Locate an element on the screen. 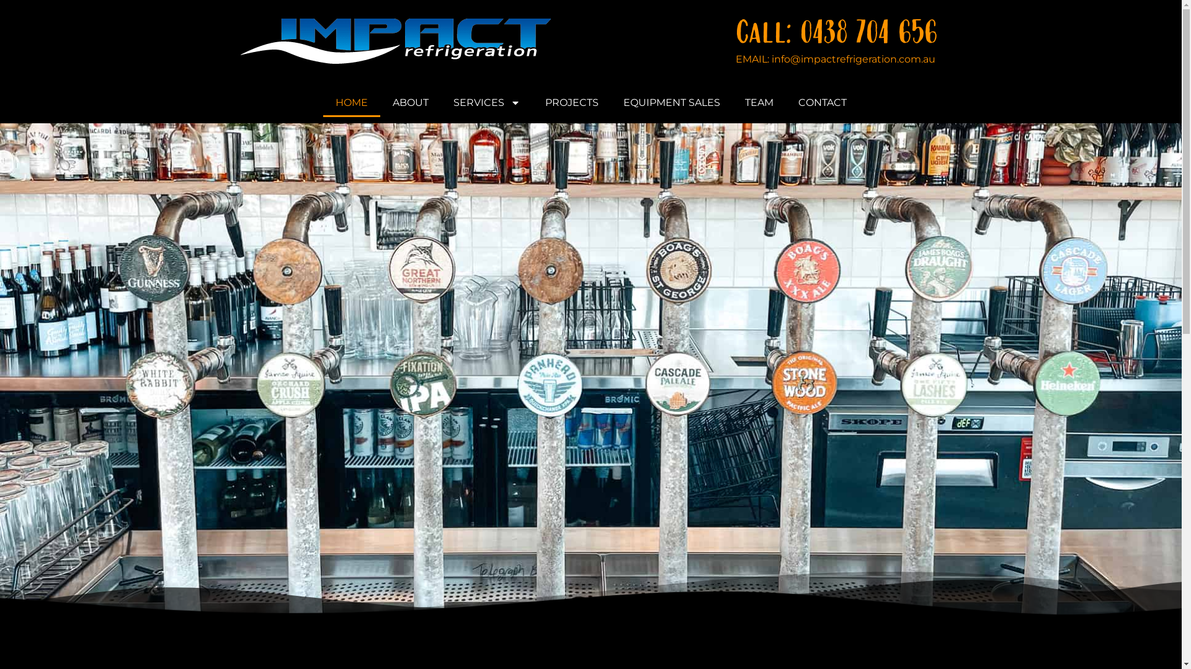  'EQUIPMENT SALES' is located at coordinates (670, 102).